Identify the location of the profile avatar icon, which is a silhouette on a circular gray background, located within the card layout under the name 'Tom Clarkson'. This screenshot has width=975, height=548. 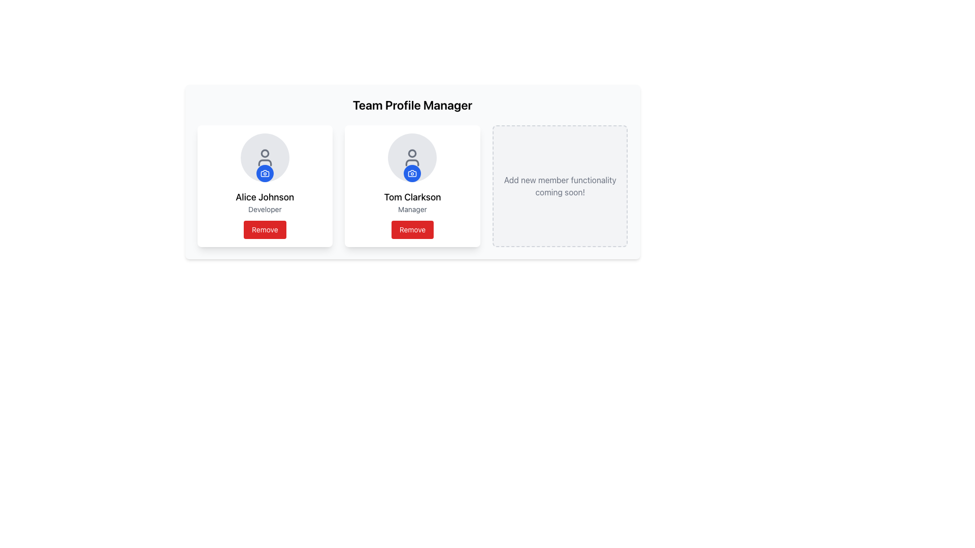
(412, 158).